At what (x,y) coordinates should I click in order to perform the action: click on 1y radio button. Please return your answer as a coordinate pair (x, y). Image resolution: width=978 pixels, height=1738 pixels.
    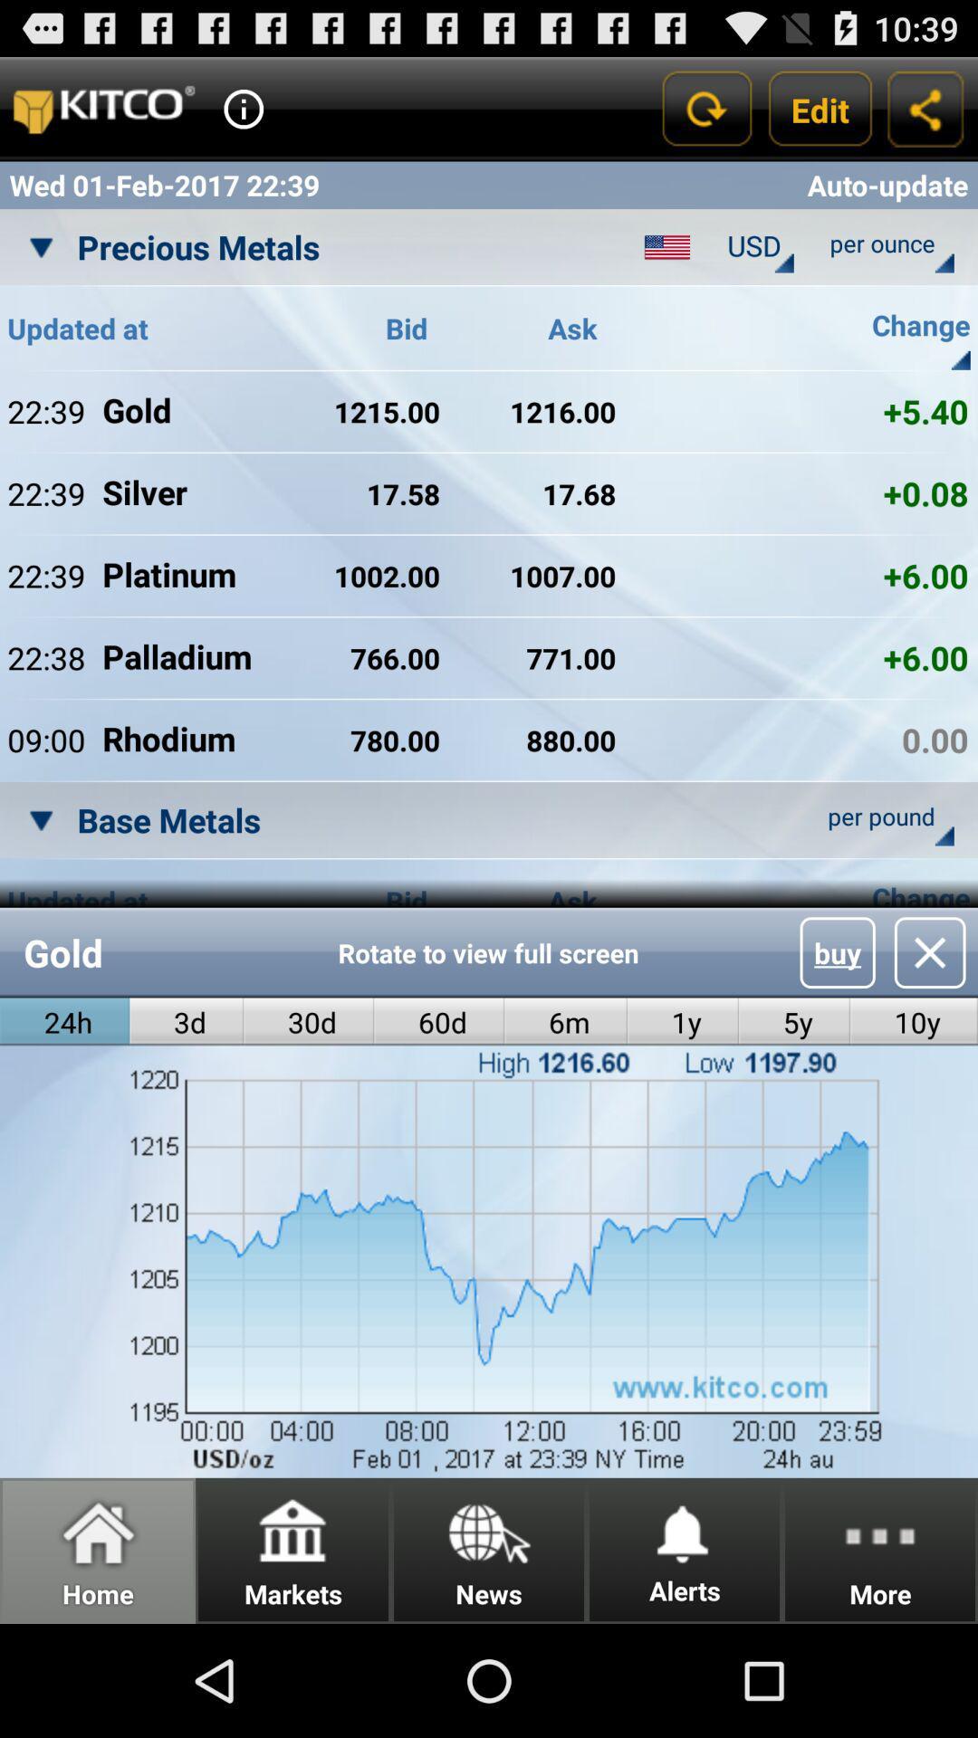
    Looking at the image, I should click on (683, 1022).